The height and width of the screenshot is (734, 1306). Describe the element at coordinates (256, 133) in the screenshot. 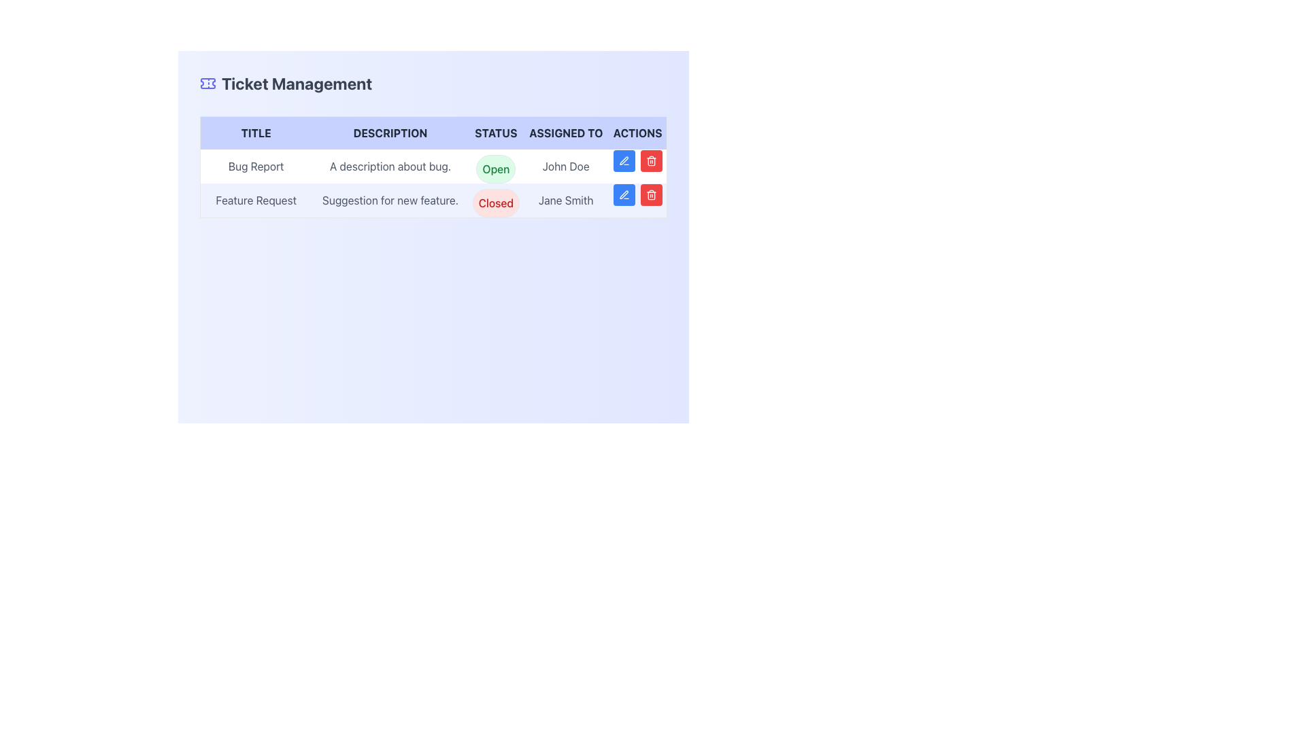

I see `the header label for the 'Title' column in the tabular layout, located at the top-left corner of the content section` at that location.